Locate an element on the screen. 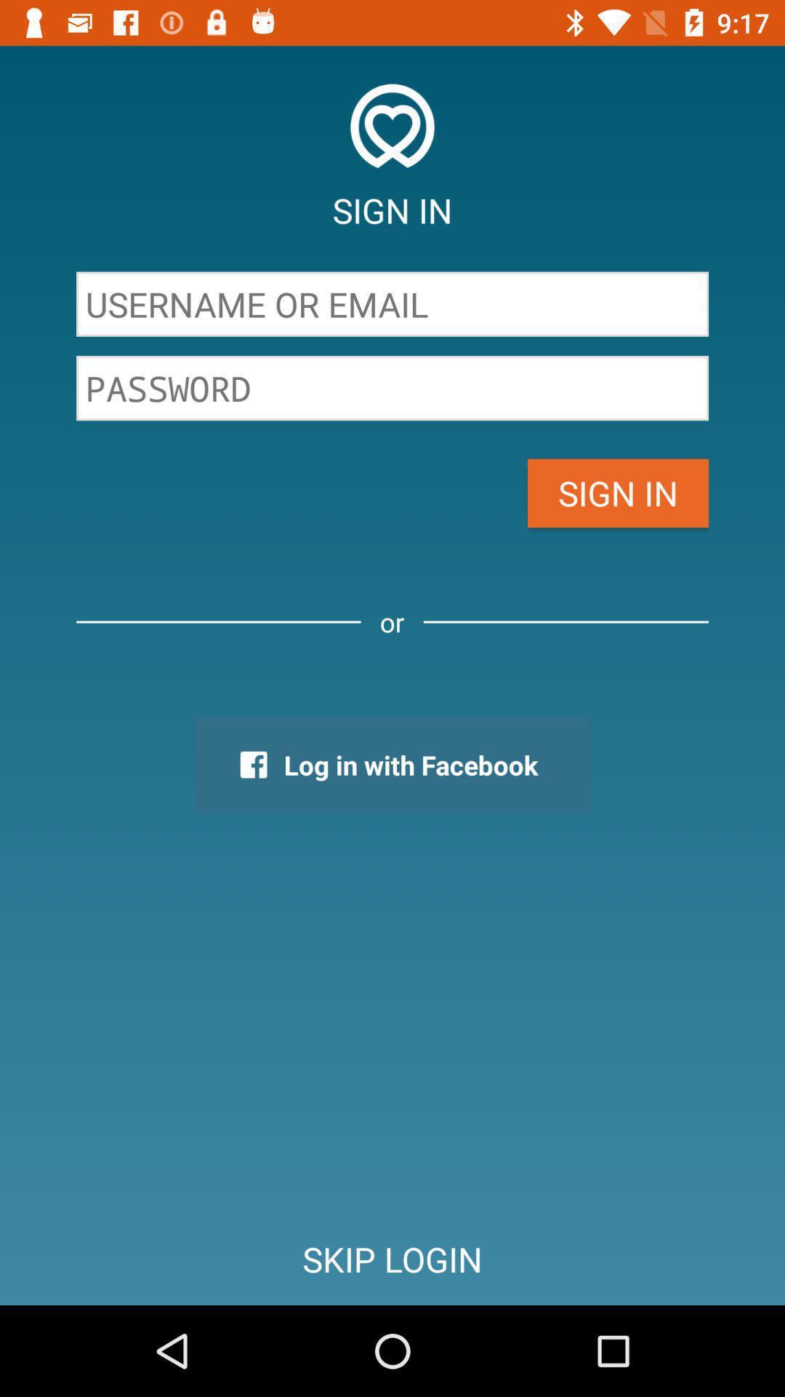 The image size is (785, 1397). icon below the log in with item is located at coordinates (392, 1259).